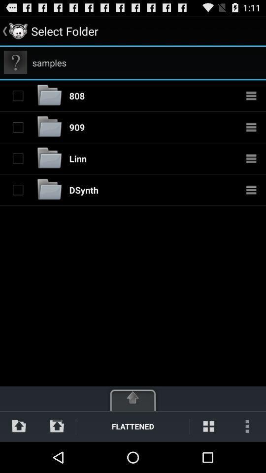 This screenshot has height=473, width=266. Describe the element at coordinates (57, 426) in the screenshot. I see `the item next to flattened` at that location.